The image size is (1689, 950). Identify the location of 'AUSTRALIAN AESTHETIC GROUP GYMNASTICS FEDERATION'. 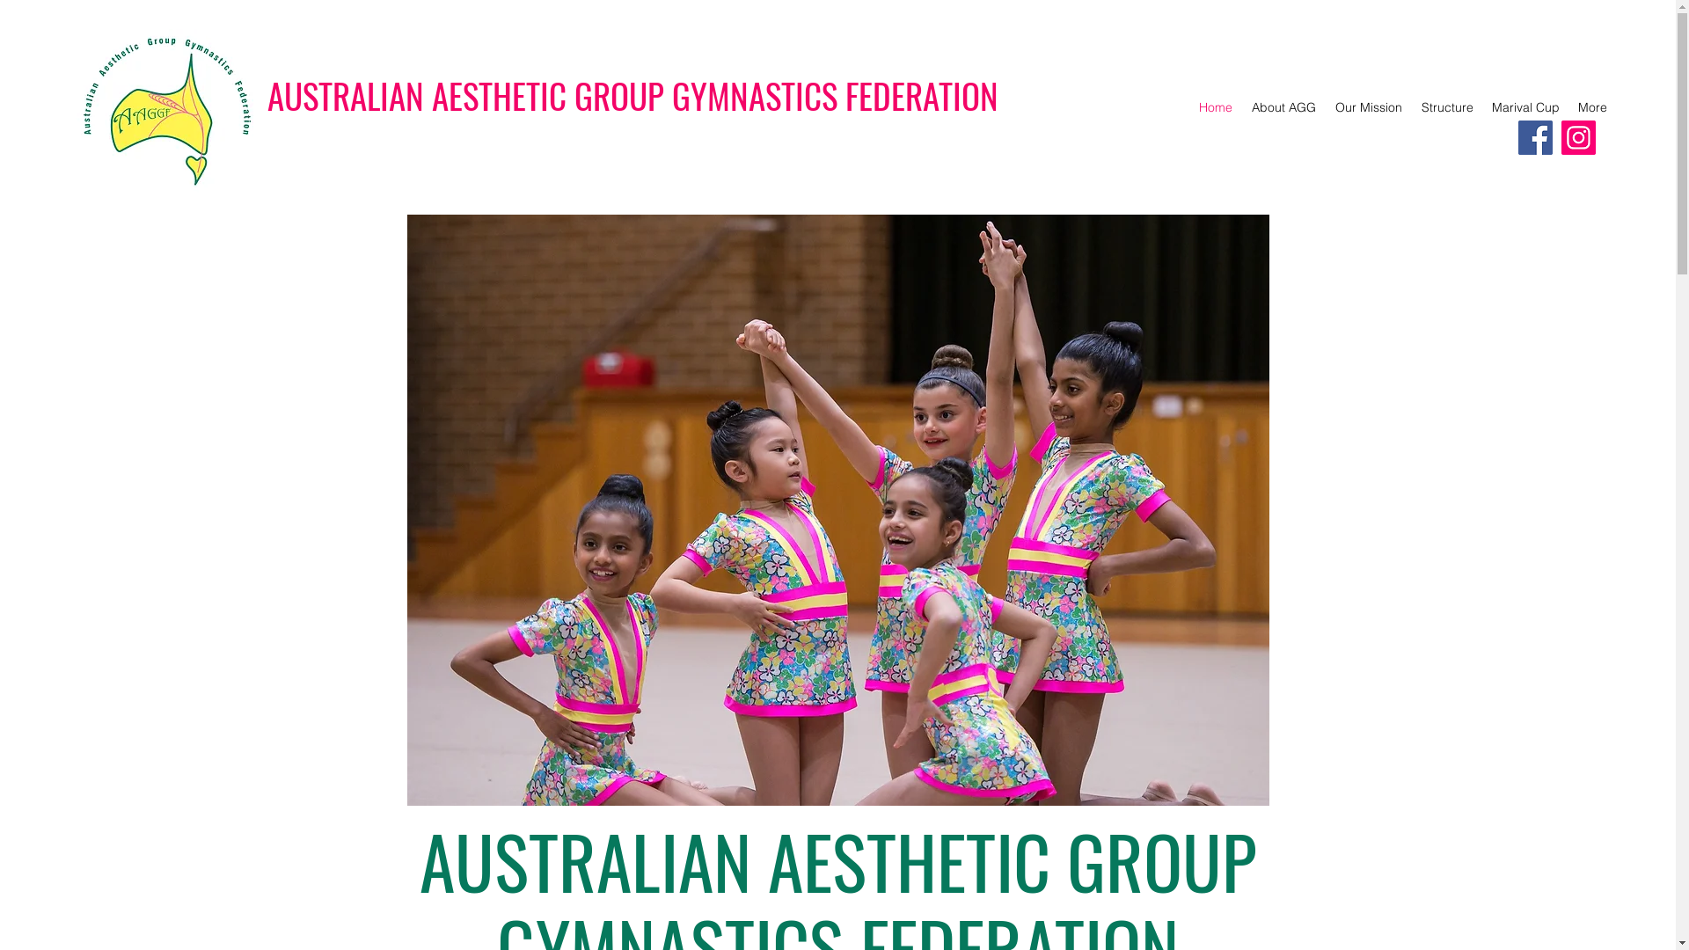
(632, 95).